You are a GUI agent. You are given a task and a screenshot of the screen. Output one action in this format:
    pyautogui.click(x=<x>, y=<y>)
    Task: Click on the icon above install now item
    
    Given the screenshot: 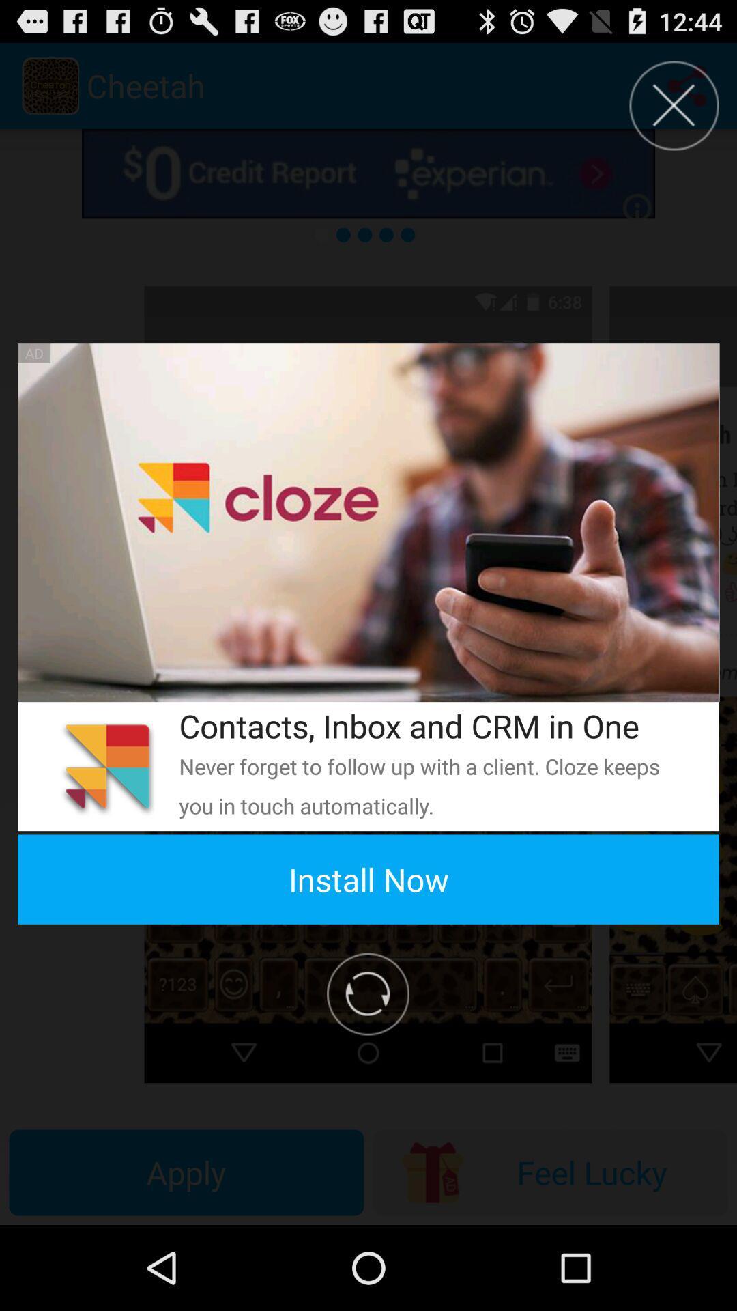 What is the action you would take?
    pyautogui.click(x=431, y=786)
    